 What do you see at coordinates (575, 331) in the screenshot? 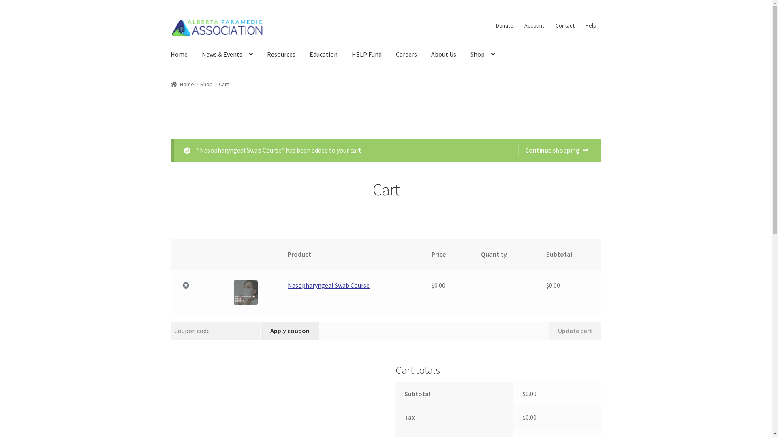
I see `'Update cart'` at bounding box center [575, 331].